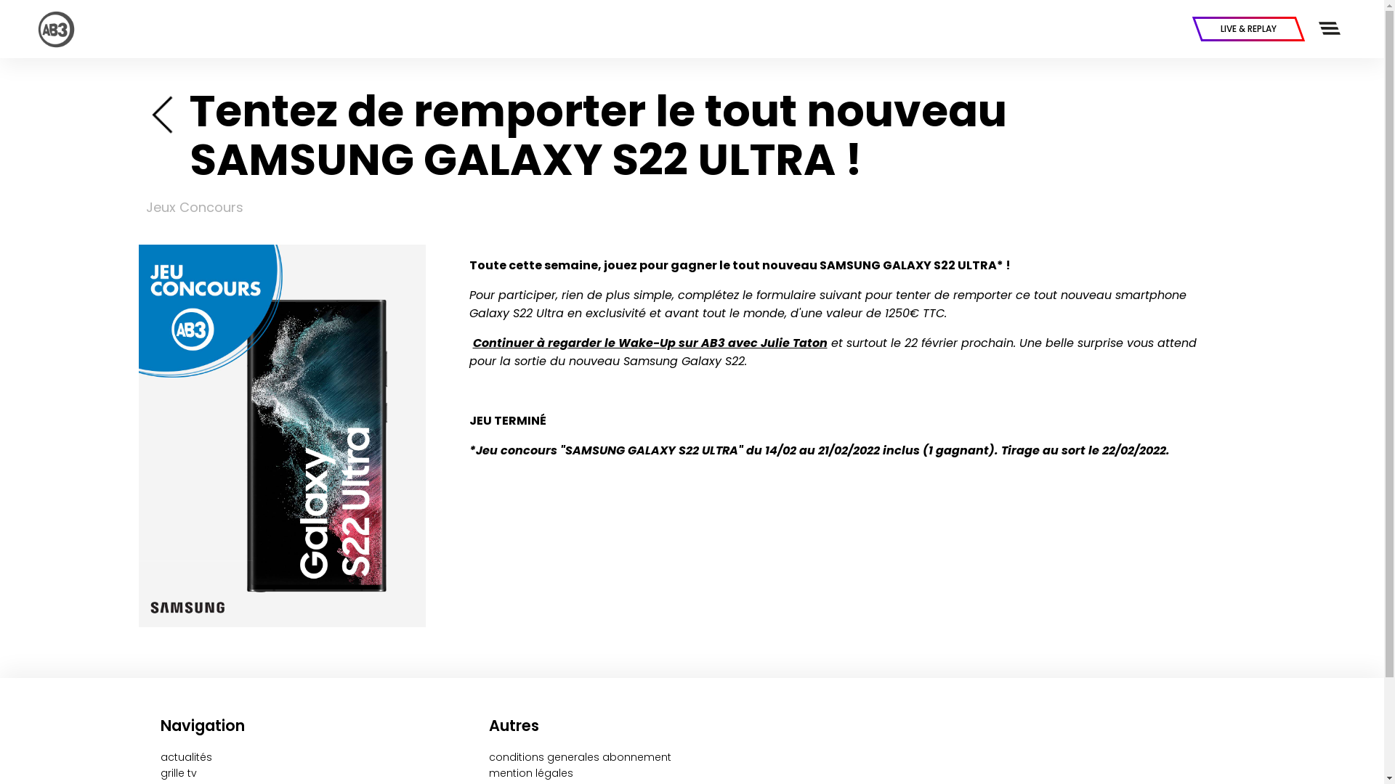 The image size is (1395, 784). What do you see at coordinates (177, 772) in the screenshot?
I see `'grille tv'` at bounding box center [177, 772].